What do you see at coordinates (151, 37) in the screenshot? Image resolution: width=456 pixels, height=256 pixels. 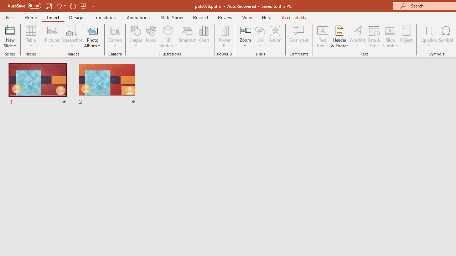 I see `'Icons'` at bounding box center [151, 37].